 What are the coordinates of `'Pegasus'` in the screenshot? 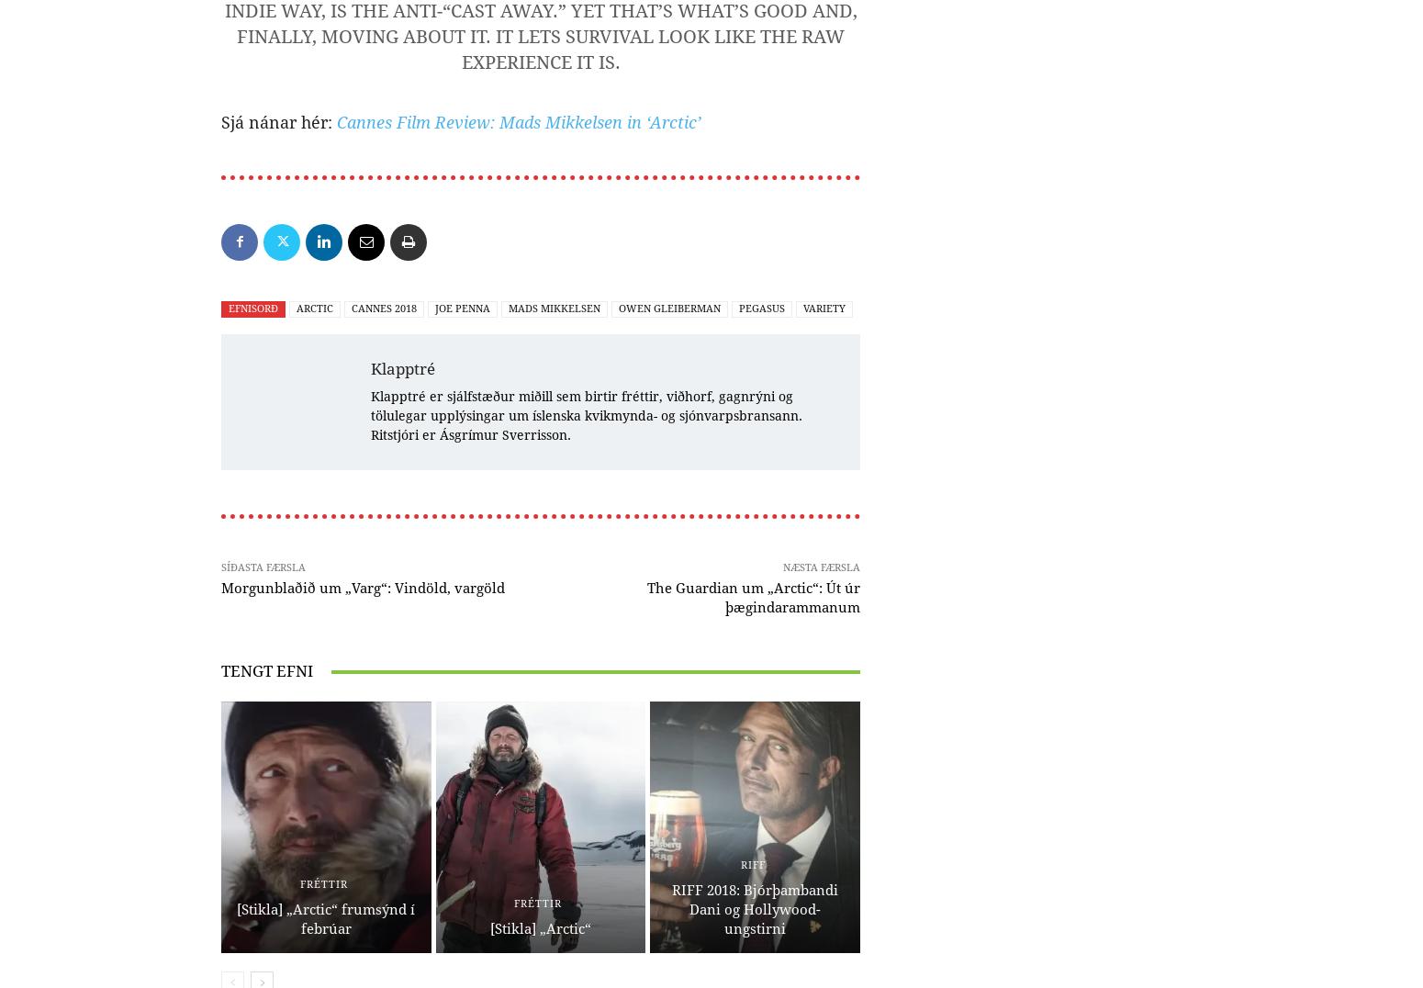 It's located at (761, 308).